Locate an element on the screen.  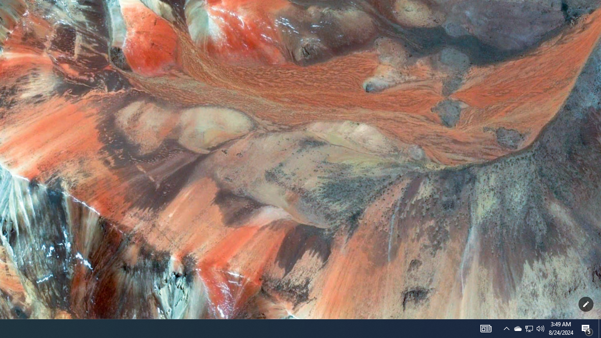
'Customize this page' is located at coordinates (586, 304).